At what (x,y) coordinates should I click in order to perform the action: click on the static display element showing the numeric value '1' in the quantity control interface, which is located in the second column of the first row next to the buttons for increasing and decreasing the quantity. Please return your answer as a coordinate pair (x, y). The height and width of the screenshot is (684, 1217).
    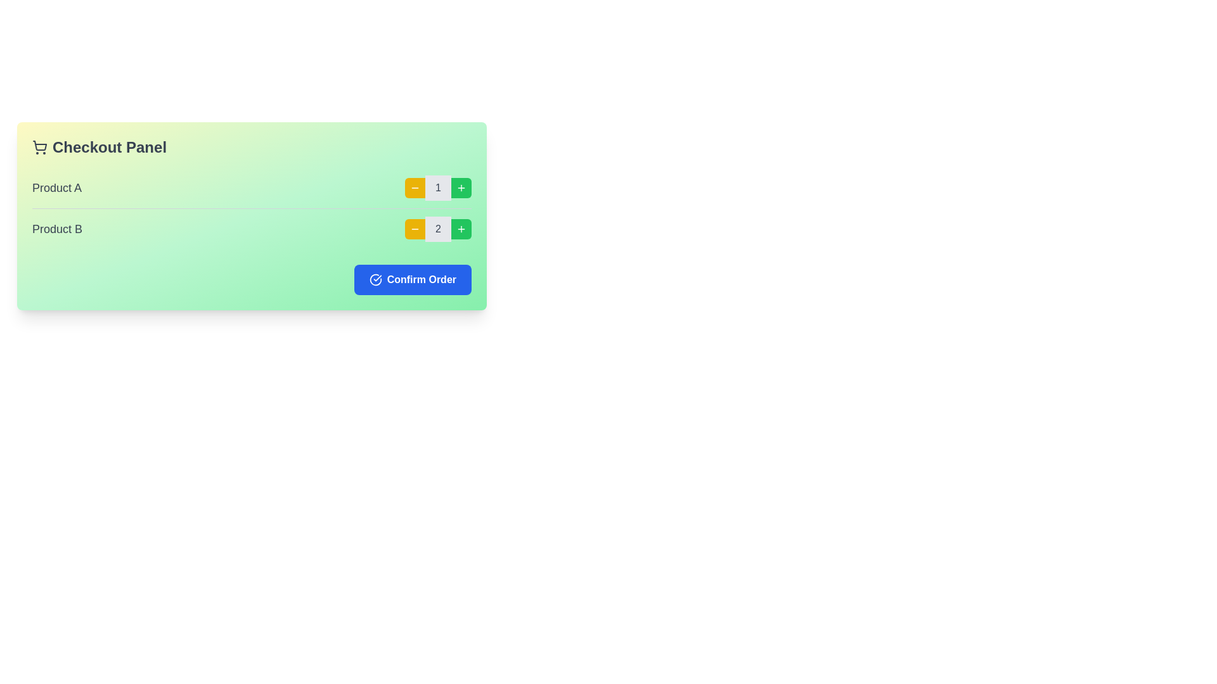
    Looking at the image, I should click on (438, 188).